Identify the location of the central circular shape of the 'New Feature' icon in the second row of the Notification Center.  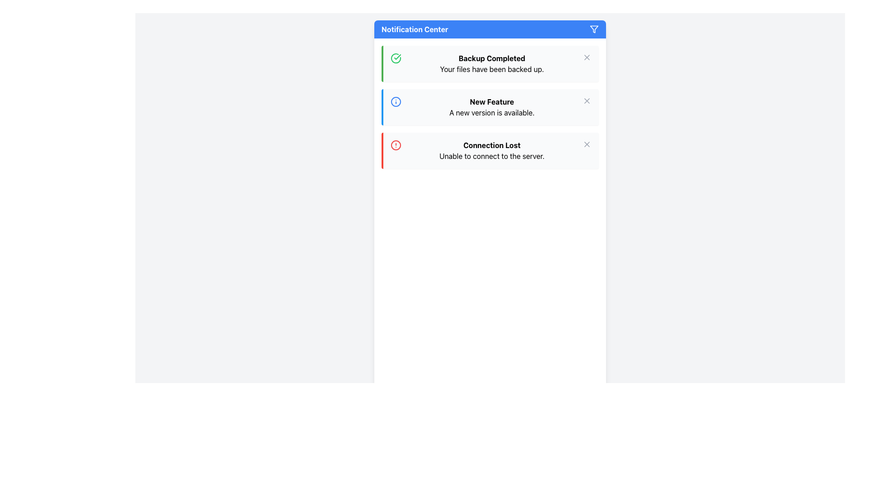
(396, 101).